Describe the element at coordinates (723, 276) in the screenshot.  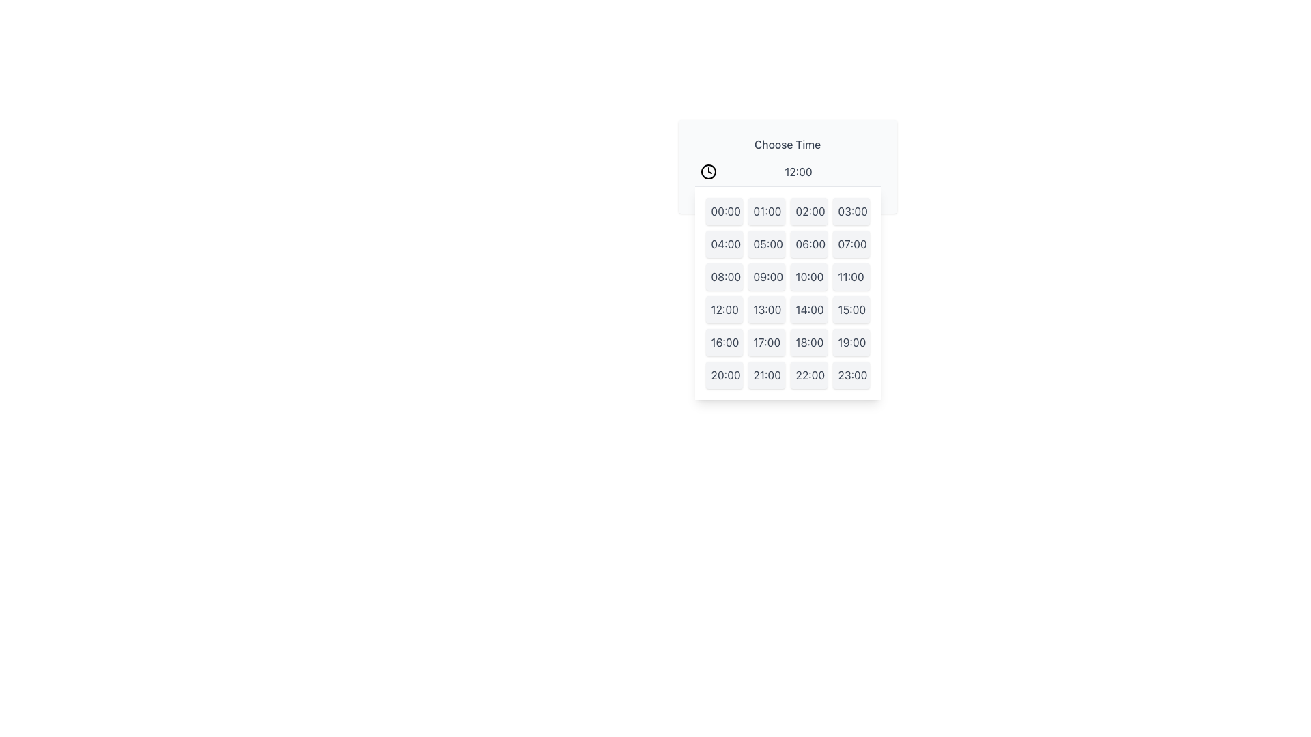
I see `the rectangular button displaying '08:00'` at that location.